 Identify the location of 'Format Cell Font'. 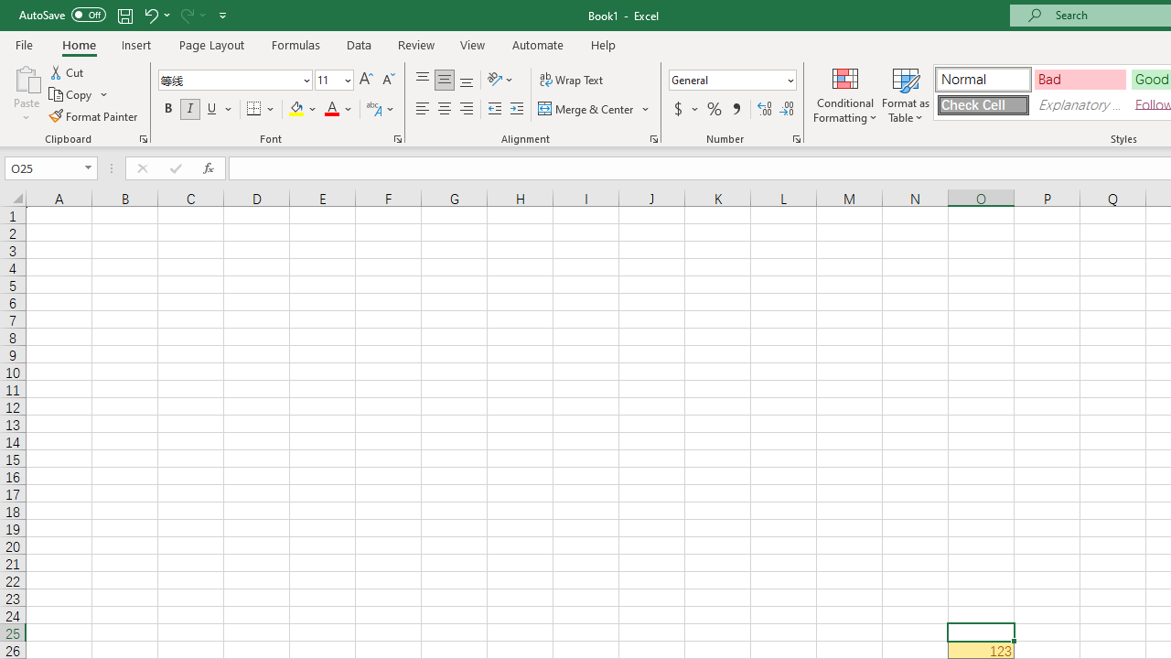
(397, 137).